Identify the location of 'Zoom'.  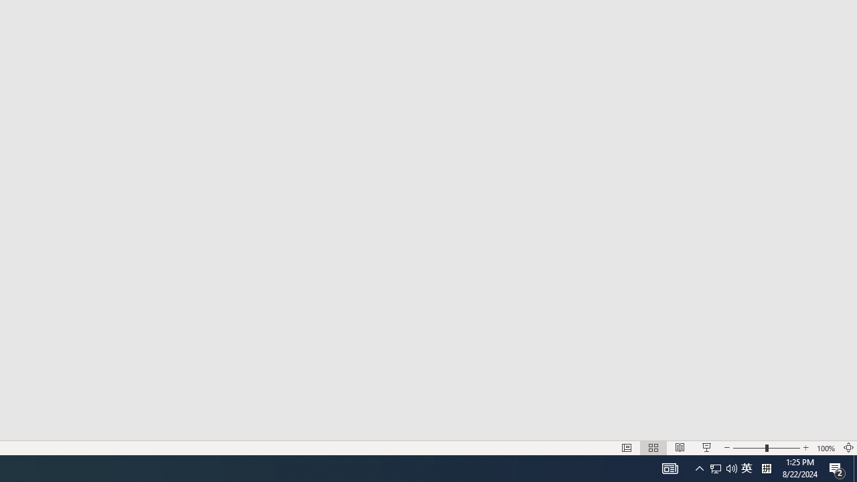
(766, 448).